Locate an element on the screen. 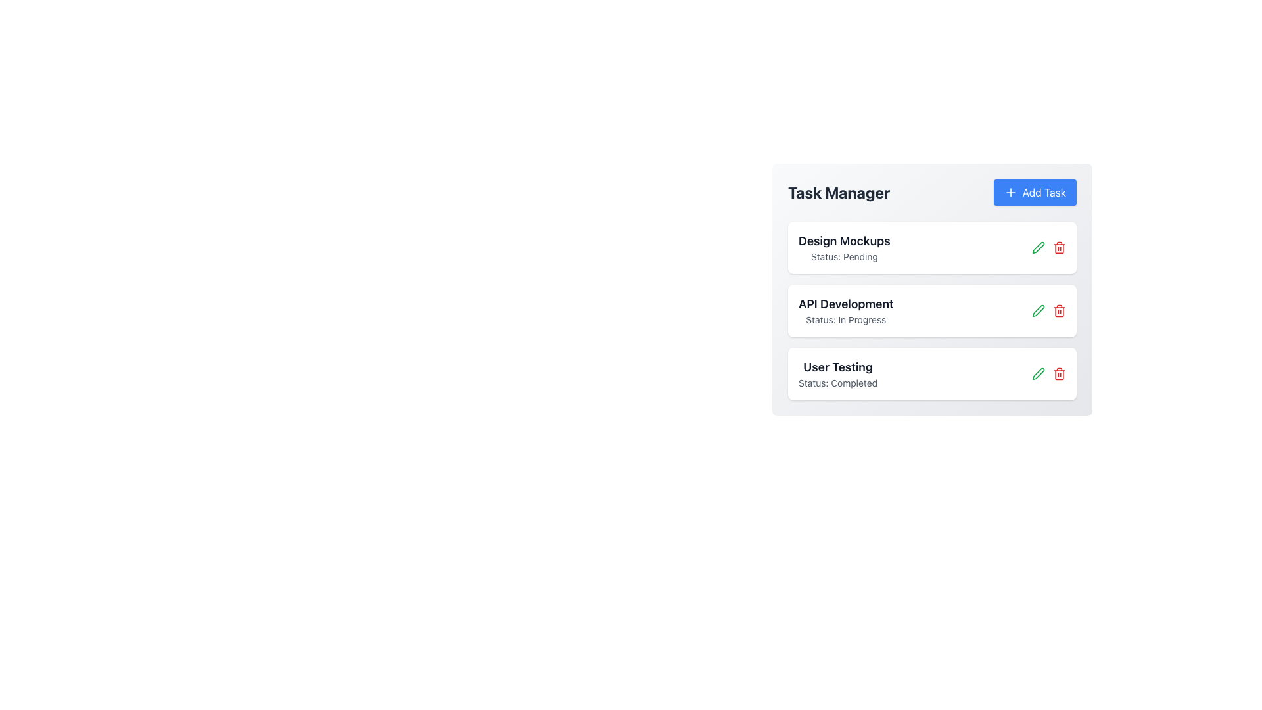 The height and width of the screenshot is (710, 1262). the edit icon button located in the second task row labeled 'API Development' to initiate editing of the task is located at coordinates (1037, 310).